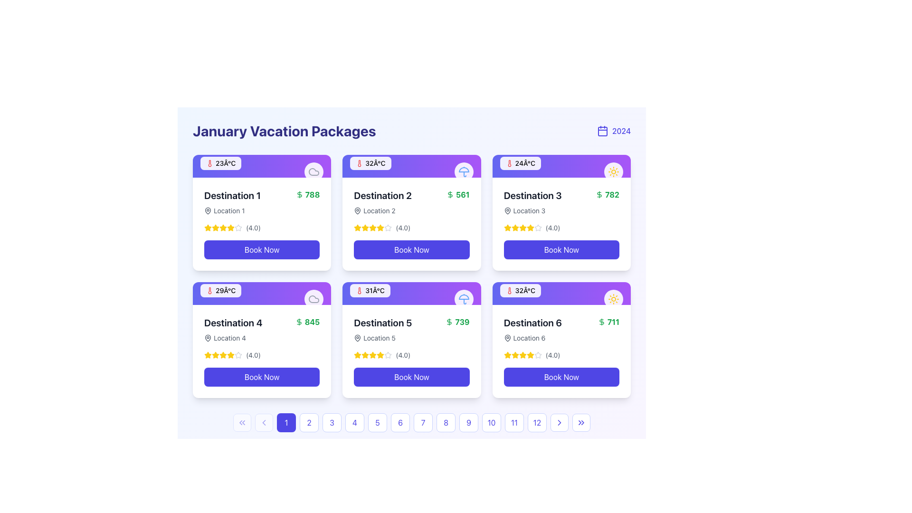 Image resolution: width=912 pixels, height=513 pixels. I want to click on the fourth star icon in the rating section of the 'Destination 6' card, which visually indicates a rating by being fully filled, so click(507, 355).